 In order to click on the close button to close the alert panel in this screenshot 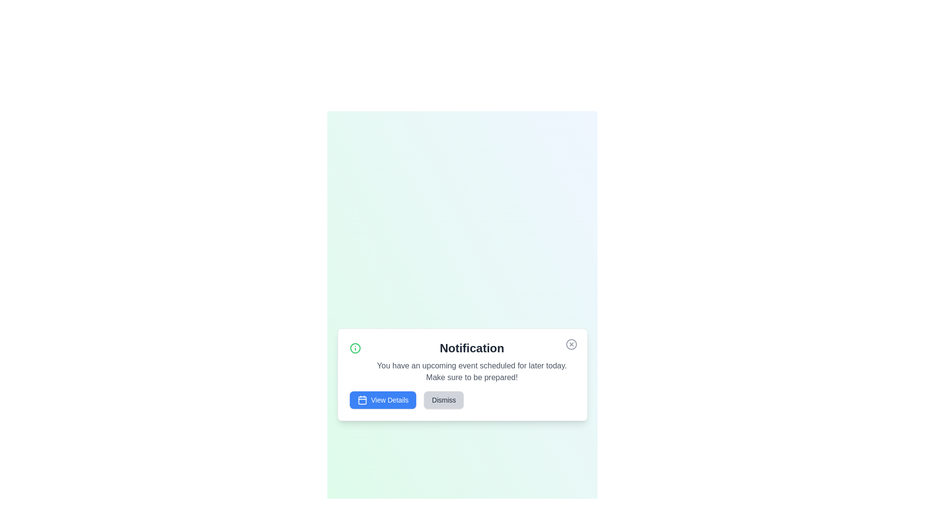, I will do `click(571, 344)`.